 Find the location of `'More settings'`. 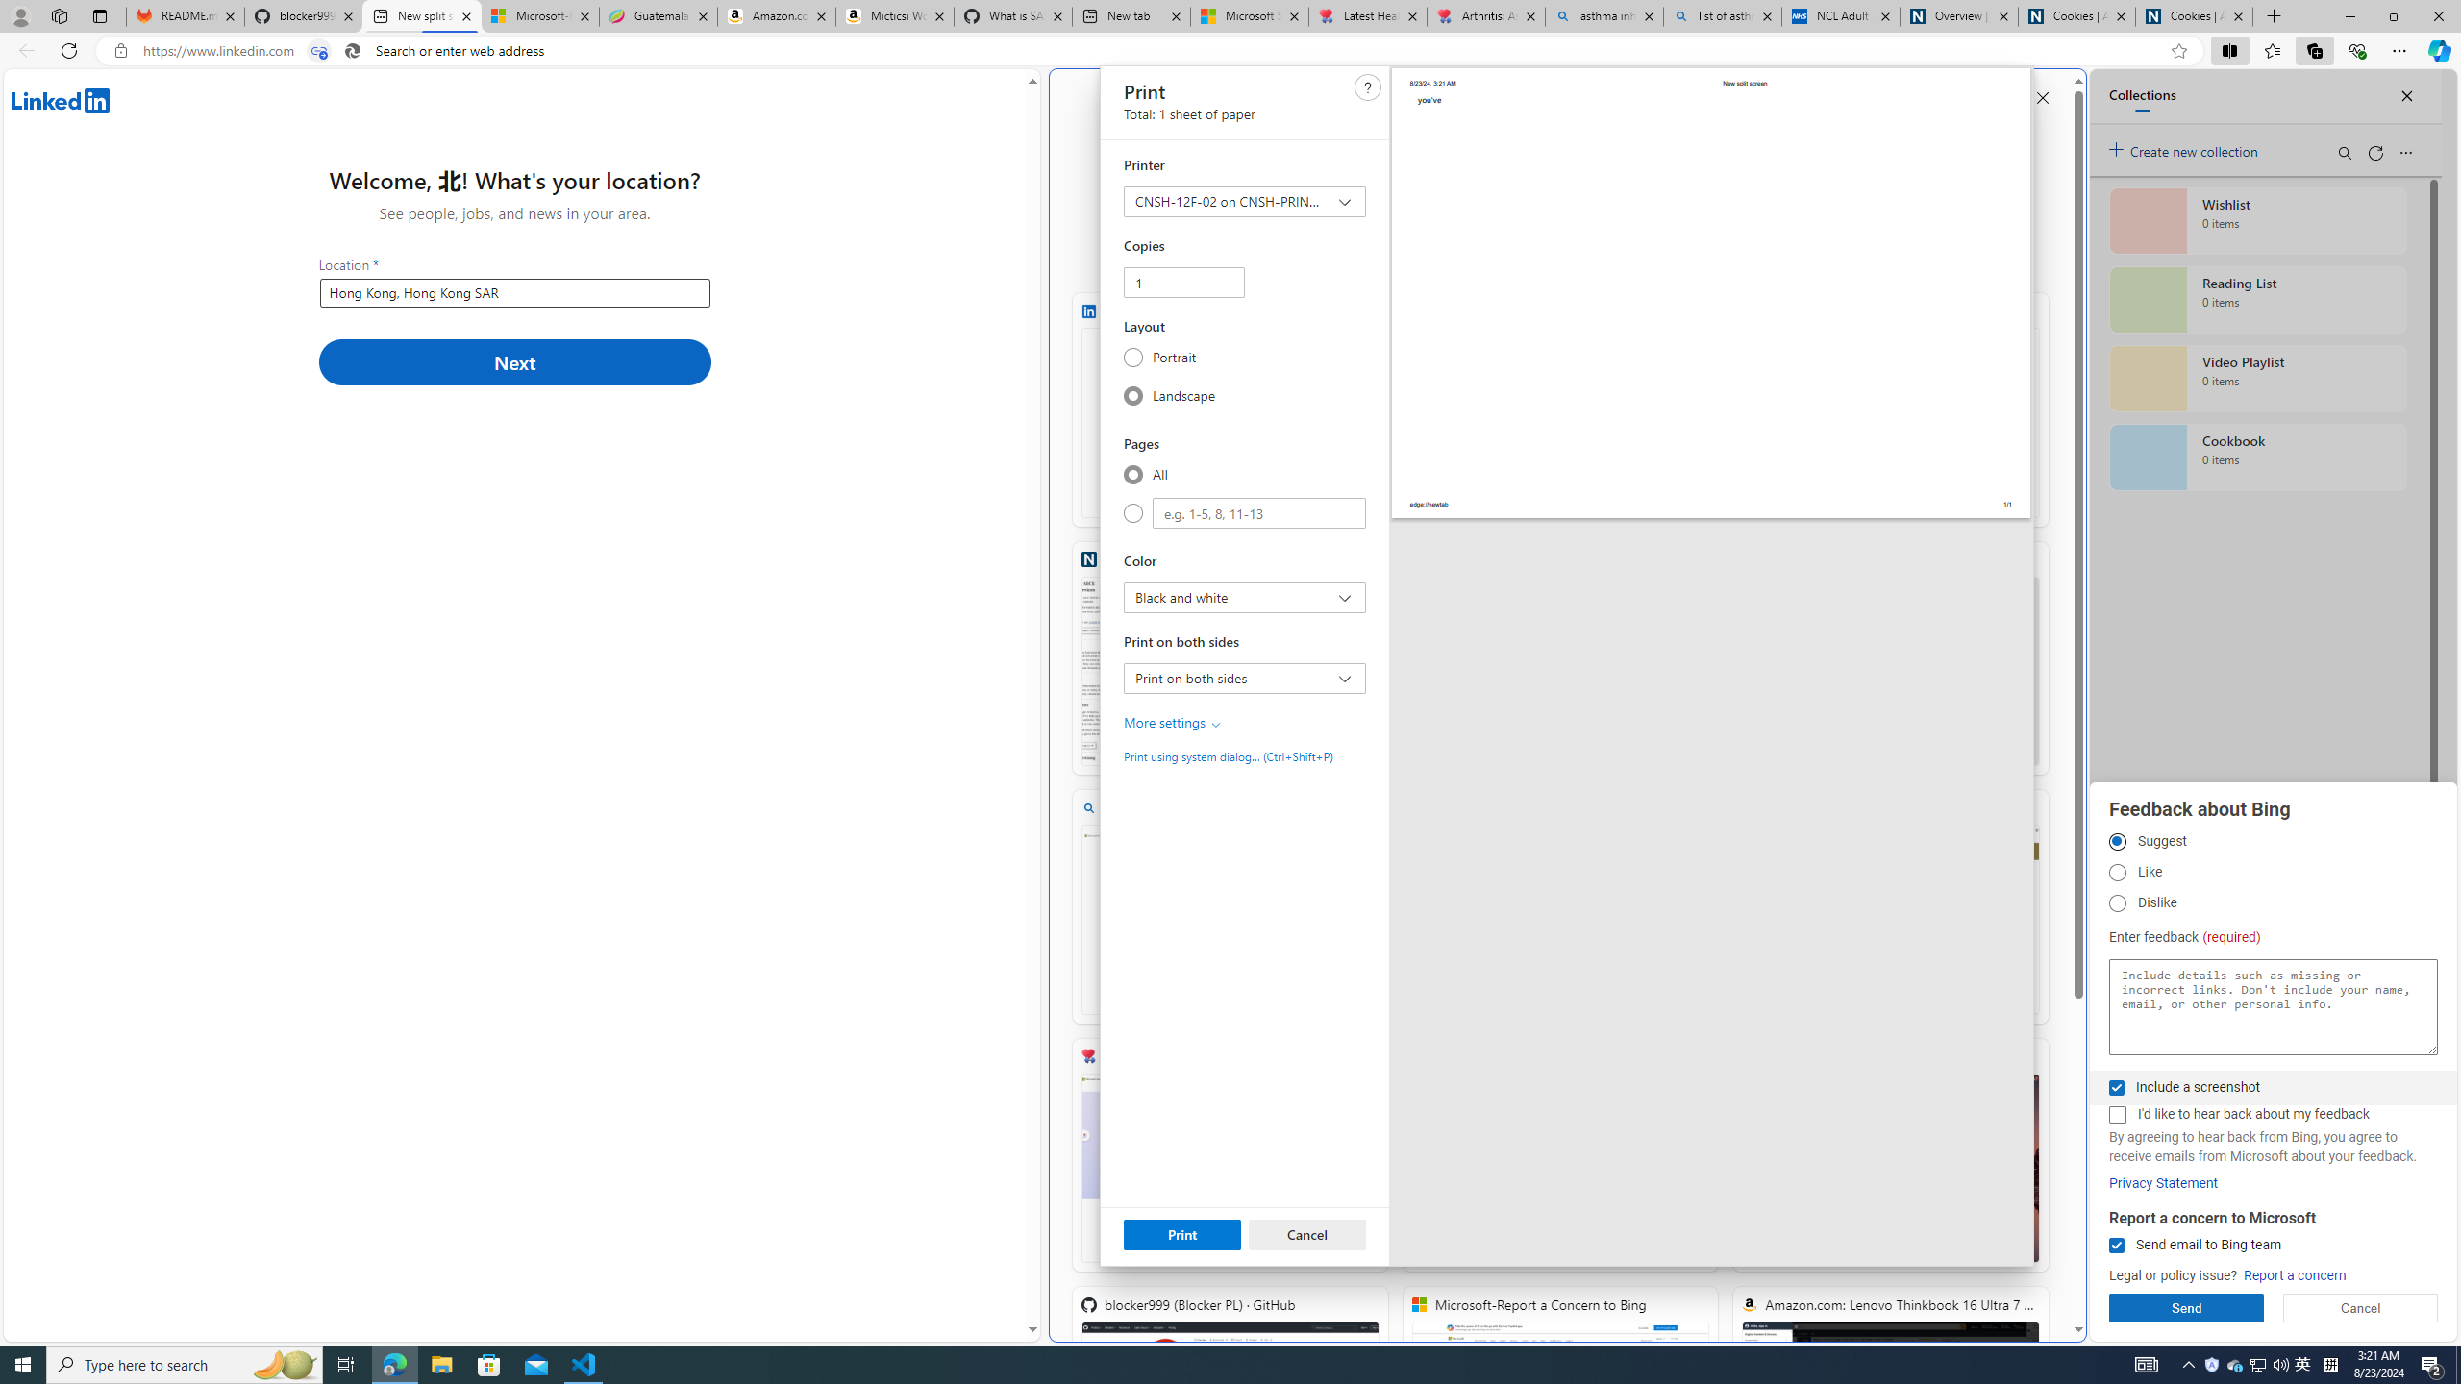

'More settings' is located at coordinates (1173, 722).